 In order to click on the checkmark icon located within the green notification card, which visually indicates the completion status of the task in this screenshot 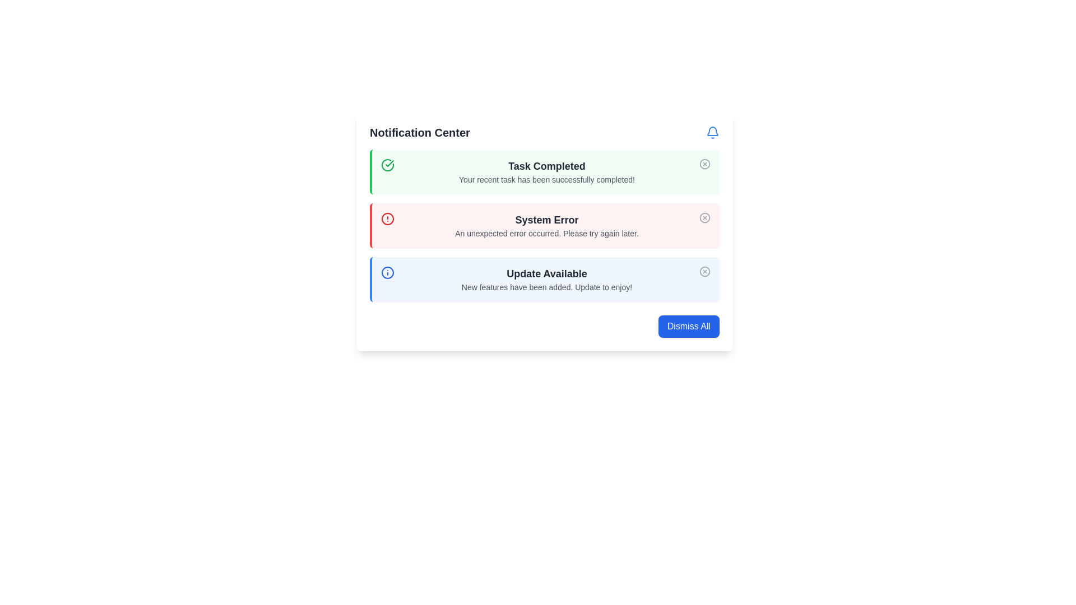, I will do `click(389, 164)`.